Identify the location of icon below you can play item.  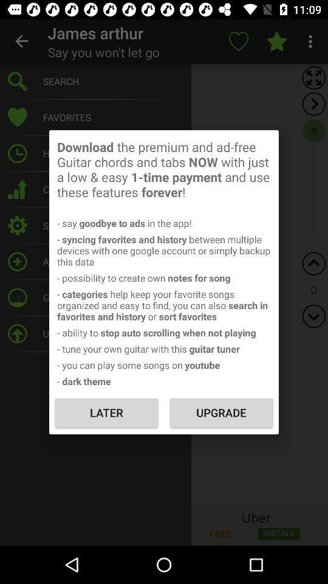
(220, 412).